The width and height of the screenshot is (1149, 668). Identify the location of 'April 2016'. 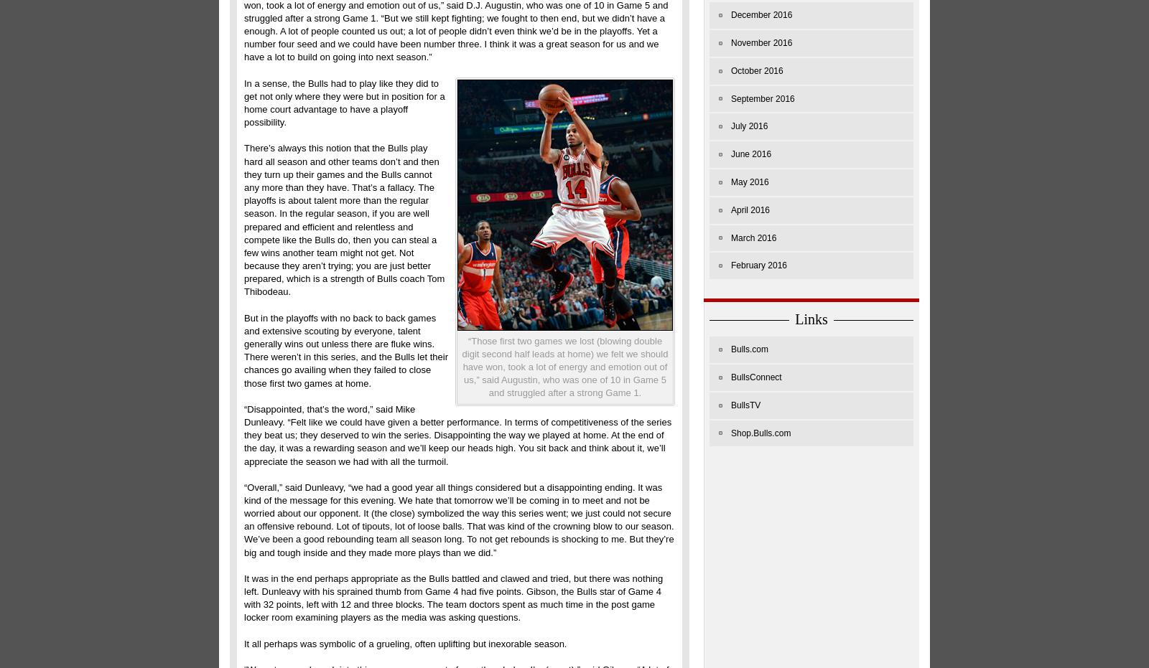
(750, 208).